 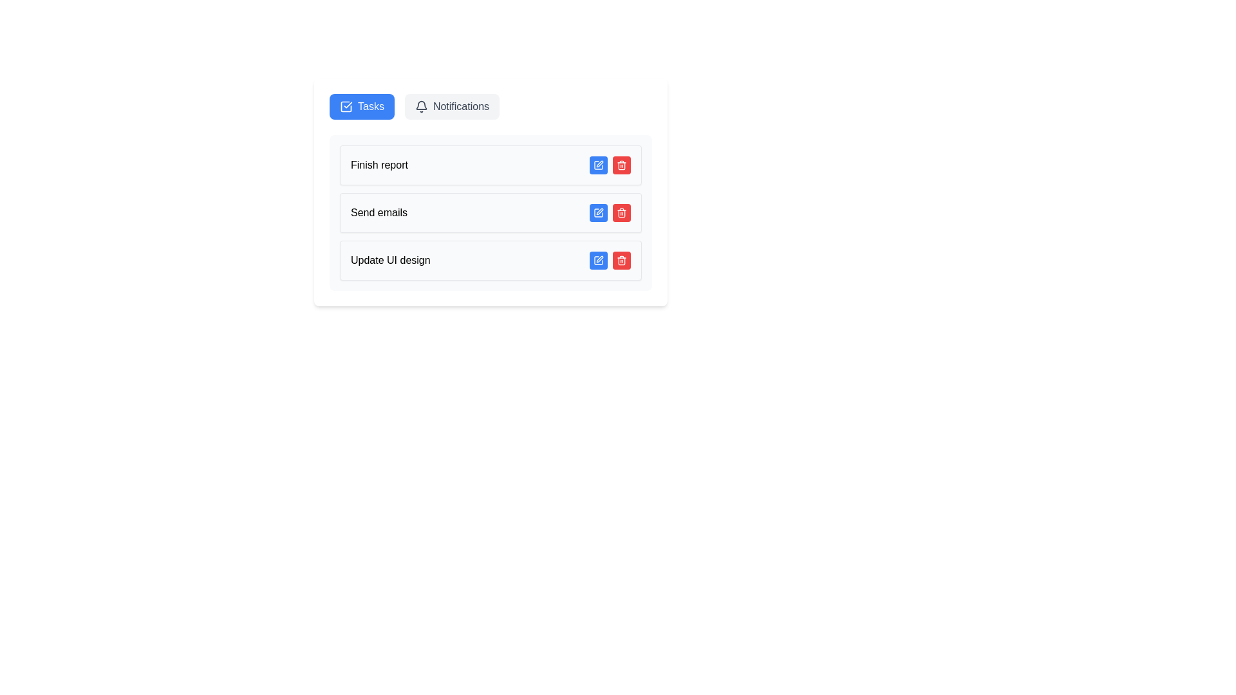 I want to click on the 'edit' button located on the right side of the 'Update UI design' list item to observe the color change, so click(x=598, y=261).